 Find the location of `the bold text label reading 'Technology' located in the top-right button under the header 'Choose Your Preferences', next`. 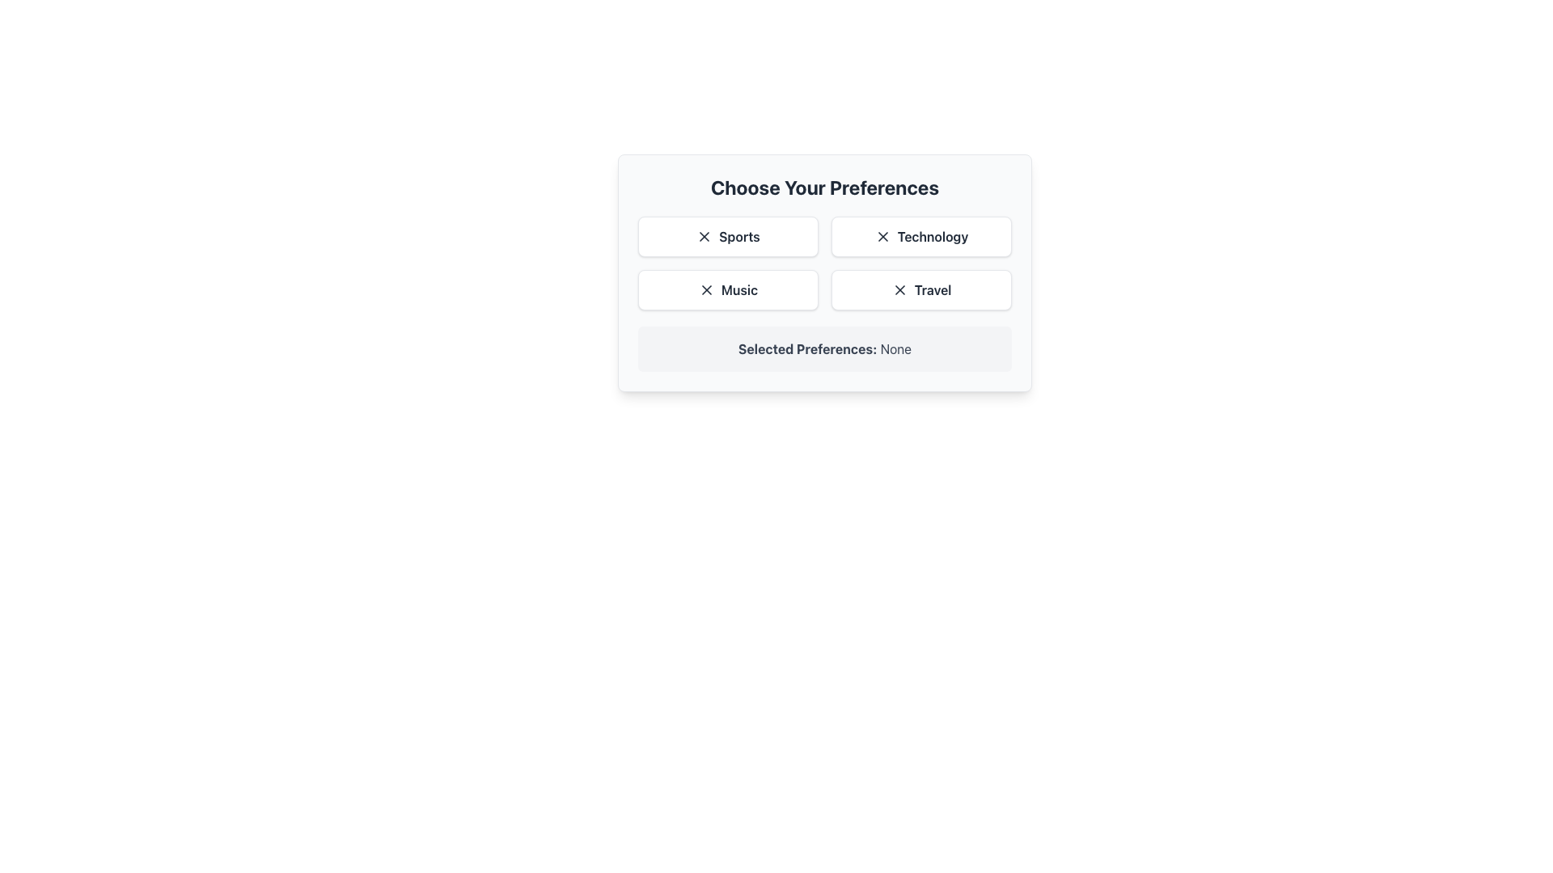

the bold text label reading 'Technology' located in the top-right button under the header 'Choose Your Preferences', next is located at coordinates (933, 237).